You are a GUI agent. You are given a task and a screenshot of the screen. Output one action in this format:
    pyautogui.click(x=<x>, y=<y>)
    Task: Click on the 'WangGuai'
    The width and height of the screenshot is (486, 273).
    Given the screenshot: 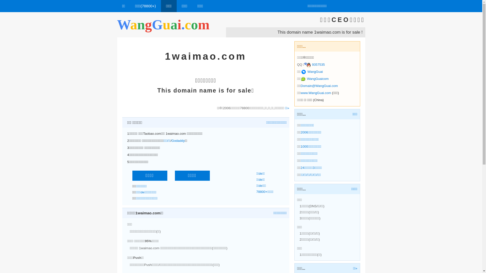 What is the action you would take?
    pyautogui.click(x=312, y=72)
    